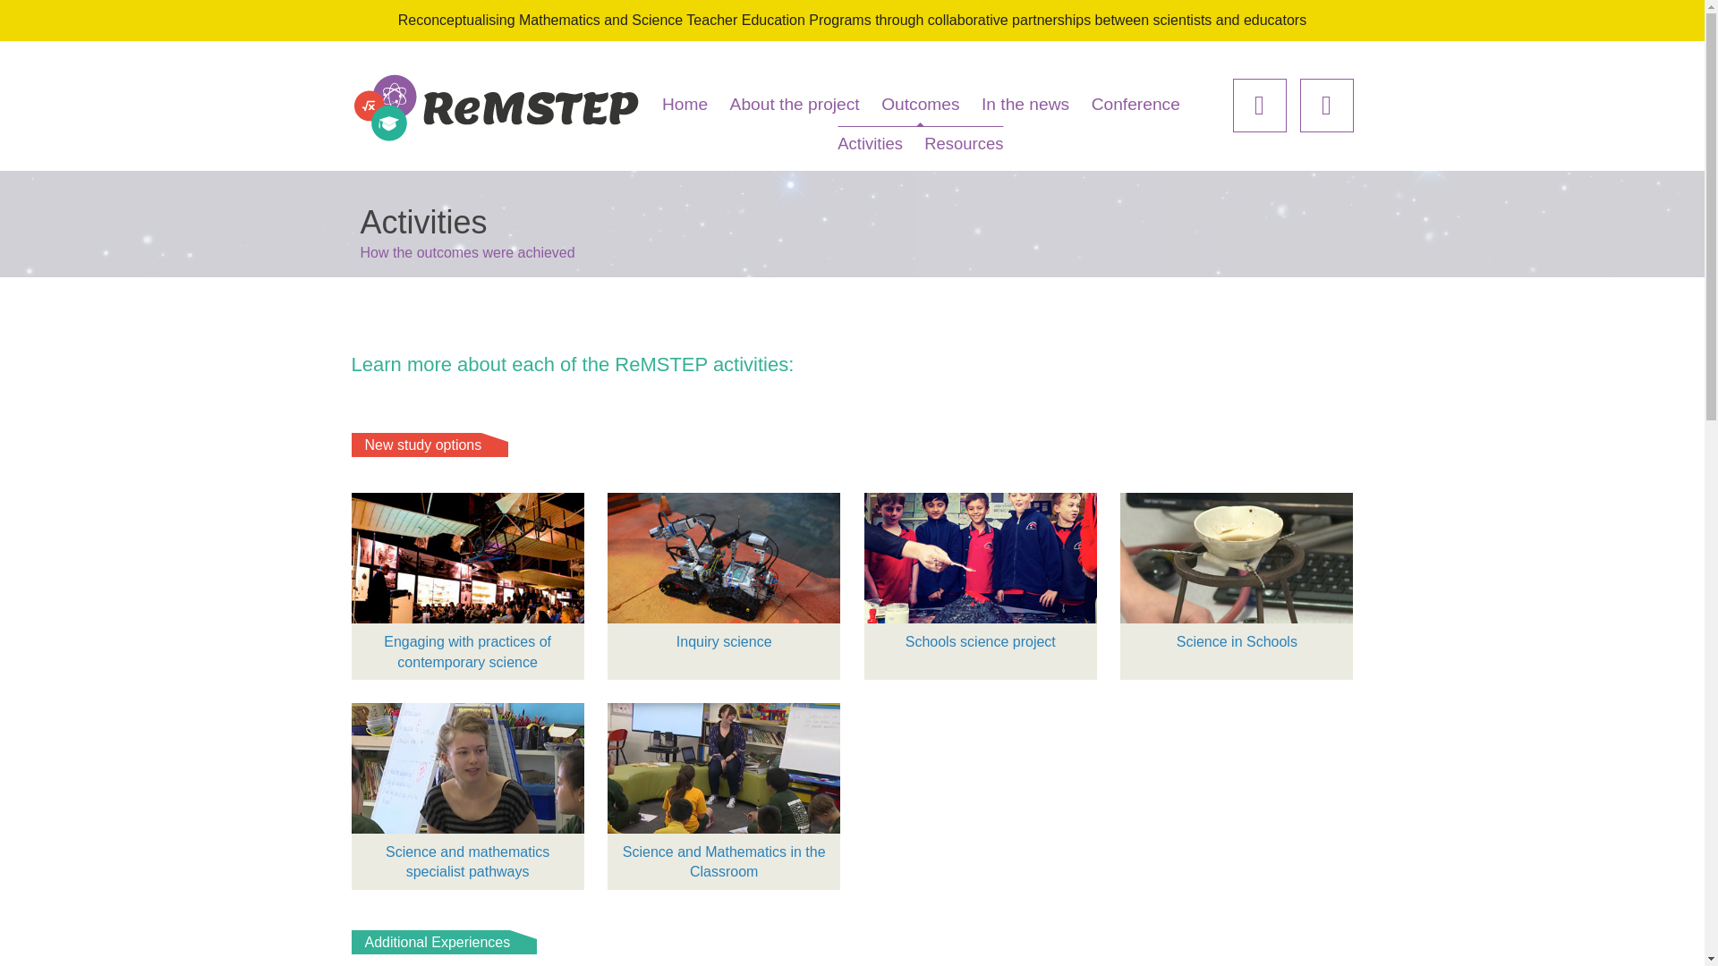 The width and height of the screenshot is (1718, 966). I want to click on 'Resources', so click(962, 142).